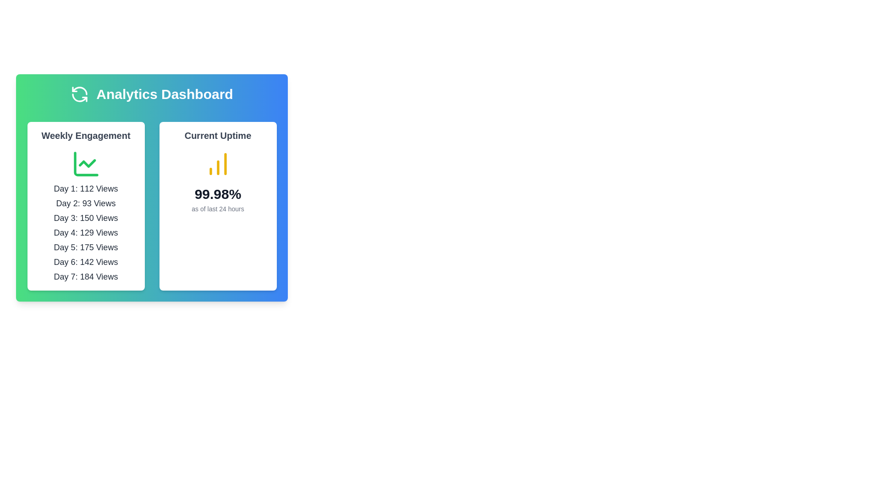  I want to click on the text label element that displays 'as of last 24 hours', which is located directly below the bold text '99.98%' in the 'Current Uptime' card, so click(217, 209).